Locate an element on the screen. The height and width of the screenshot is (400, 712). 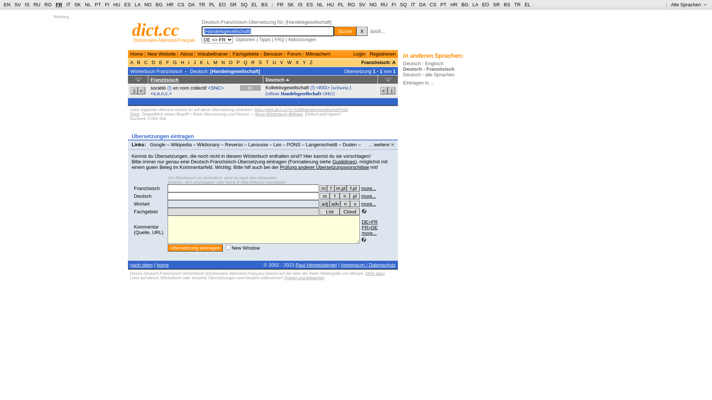
'Deutsch - alle Sprachen' is located at coordinates (429, 74).